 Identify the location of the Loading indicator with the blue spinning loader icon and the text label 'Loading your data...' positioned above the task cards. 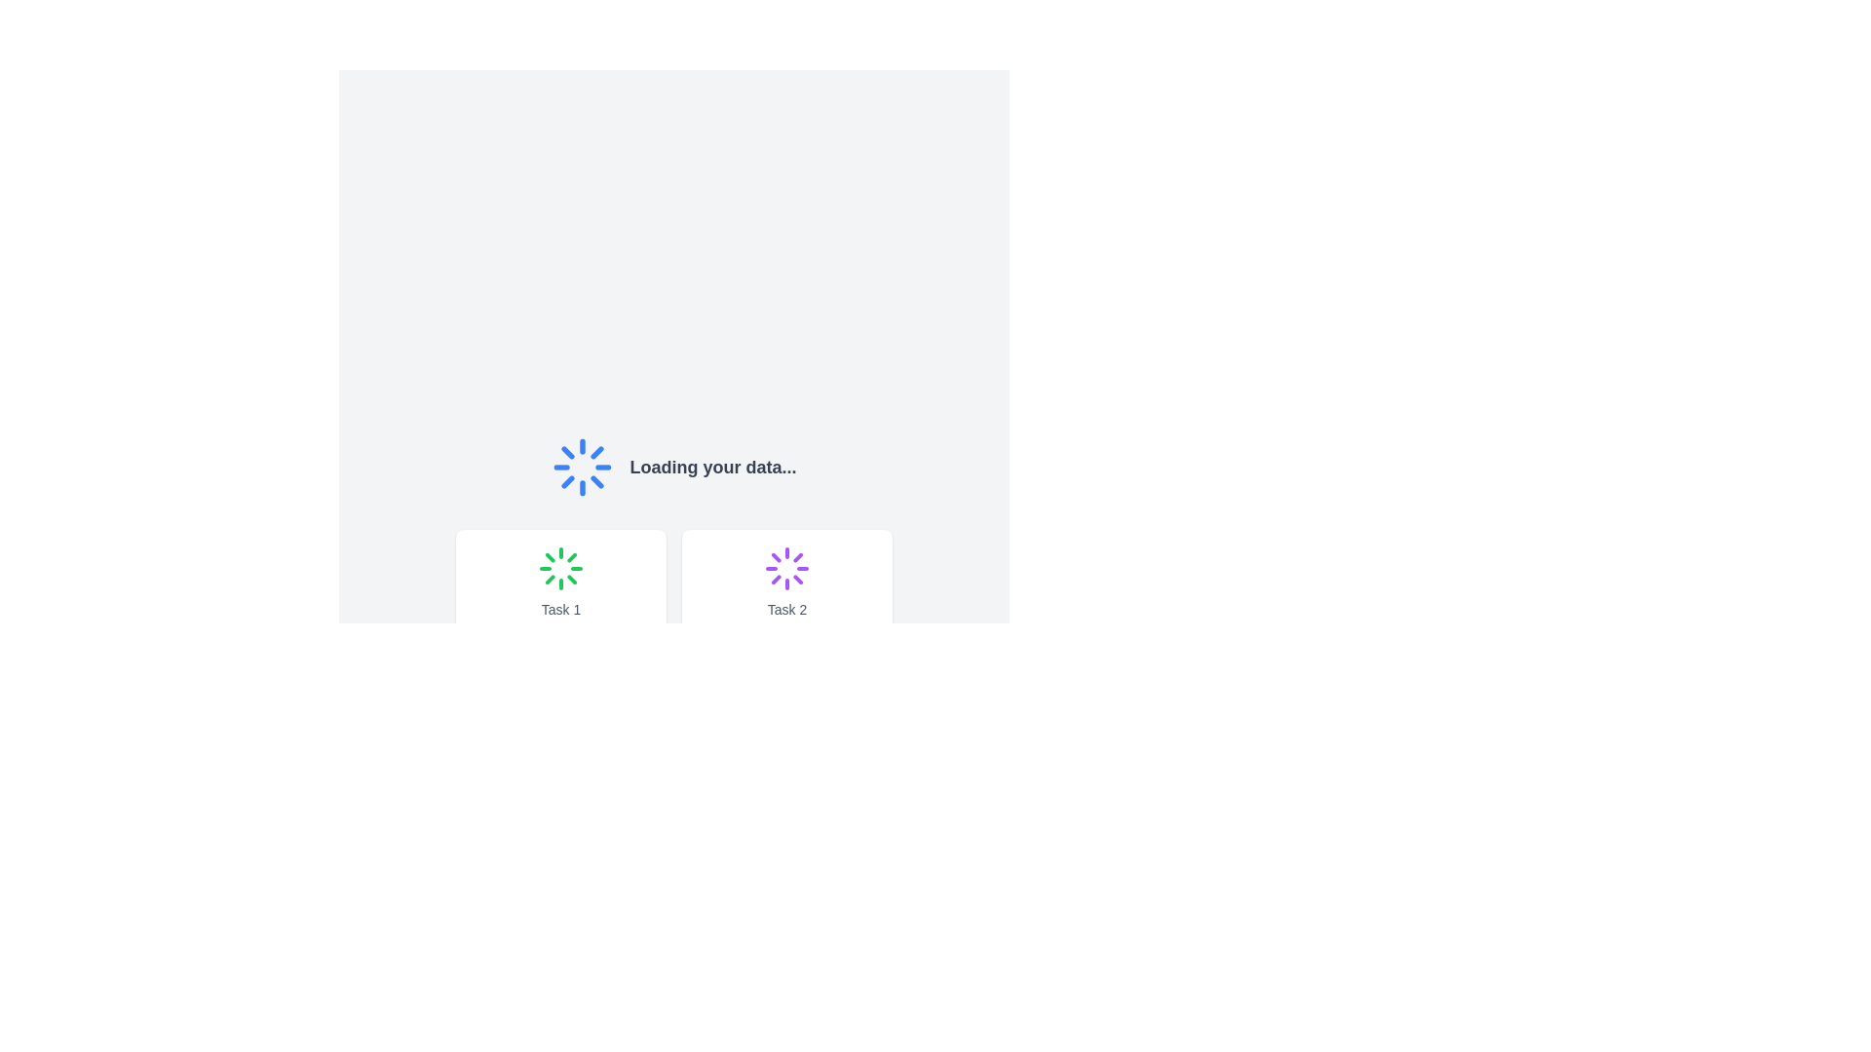
(673, 467).